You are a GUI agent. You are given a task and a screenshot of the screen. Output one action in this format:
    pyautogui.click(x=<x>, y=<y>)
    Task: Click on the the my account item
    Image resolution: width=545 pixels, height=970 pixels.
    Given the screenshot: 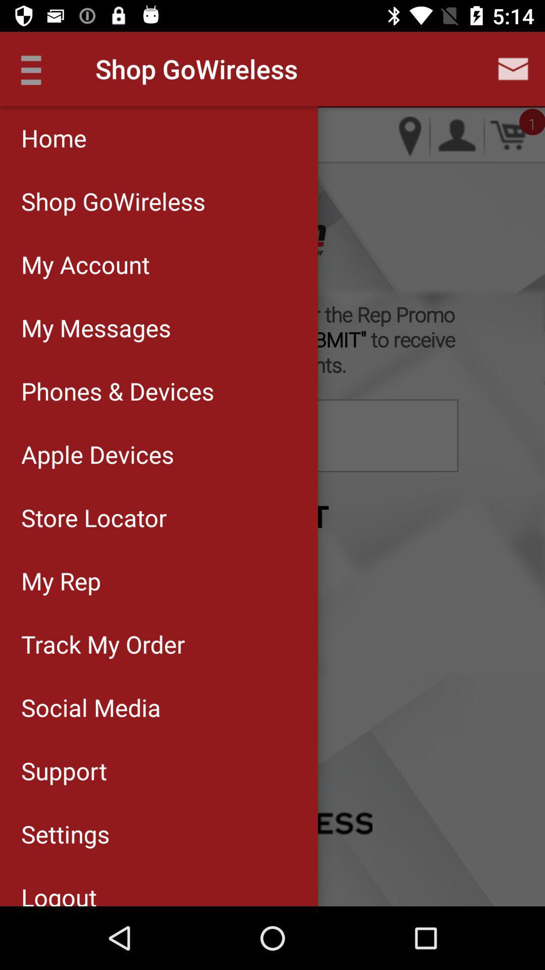 What is the action you would take?
    pyautogui.click(x=159, y=264)
    